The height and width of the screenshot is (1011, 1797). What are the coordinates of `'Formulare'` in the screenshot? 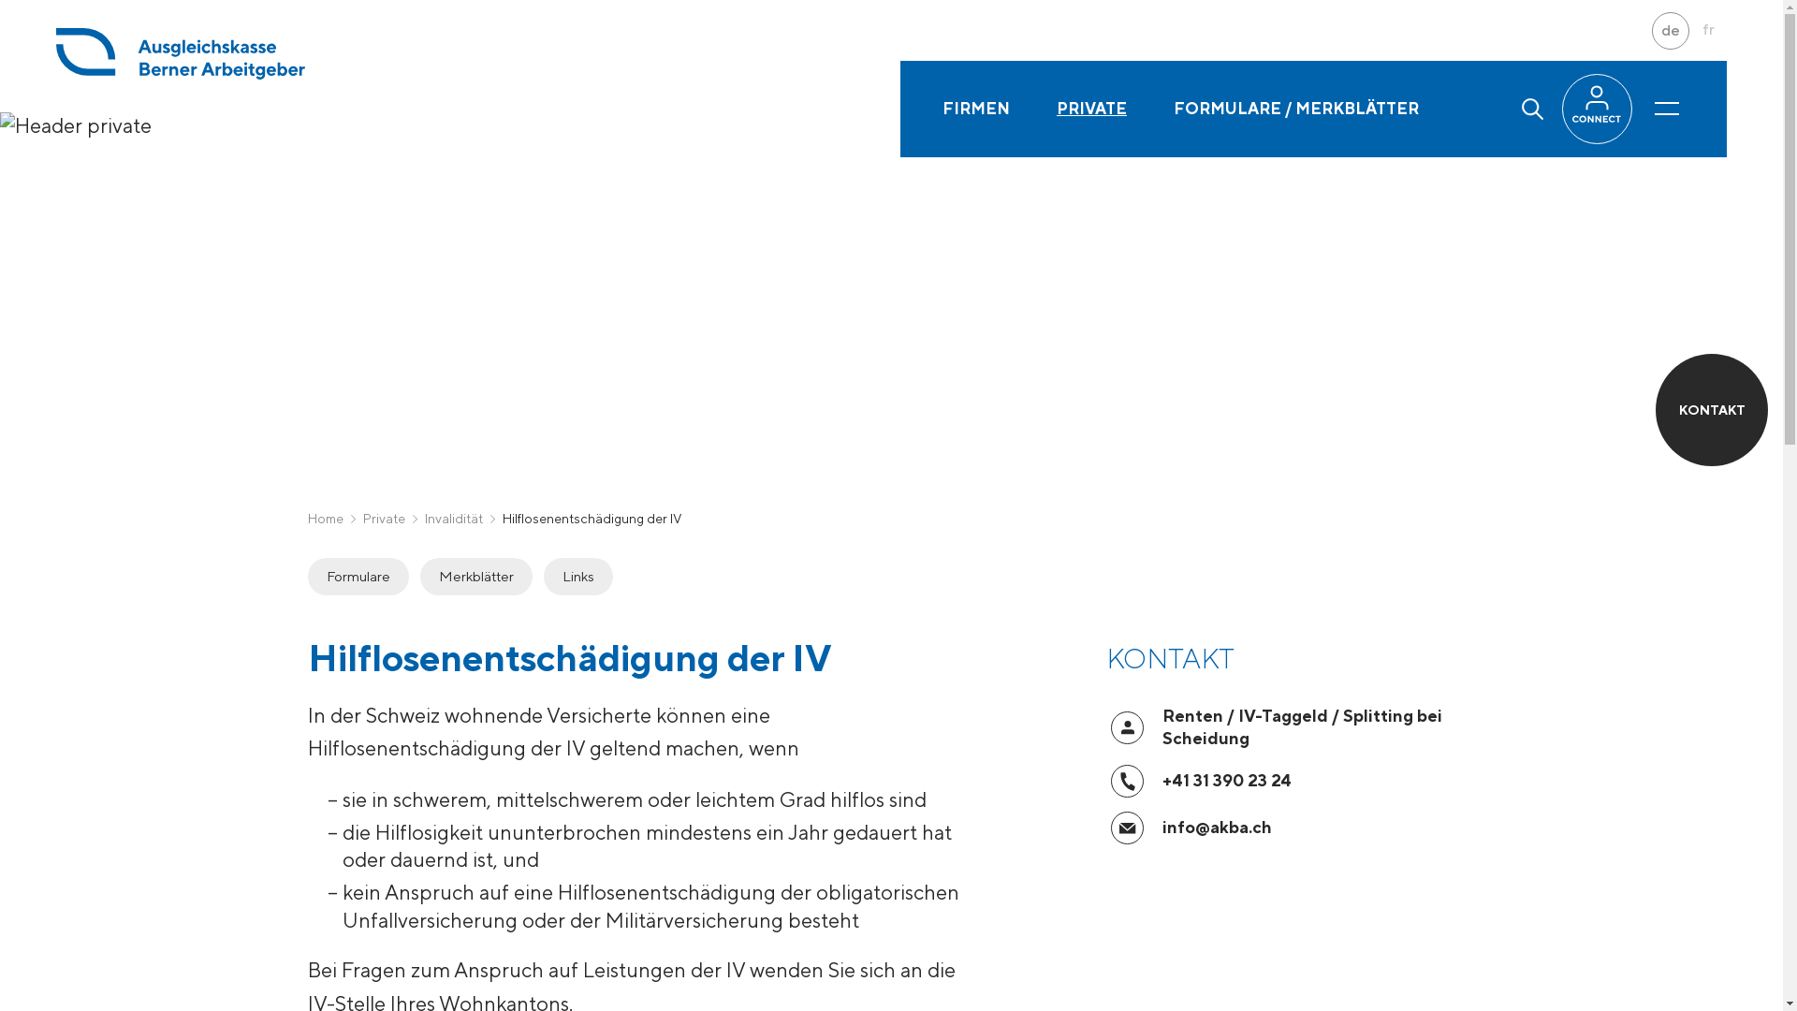 It's located at (358, 576).